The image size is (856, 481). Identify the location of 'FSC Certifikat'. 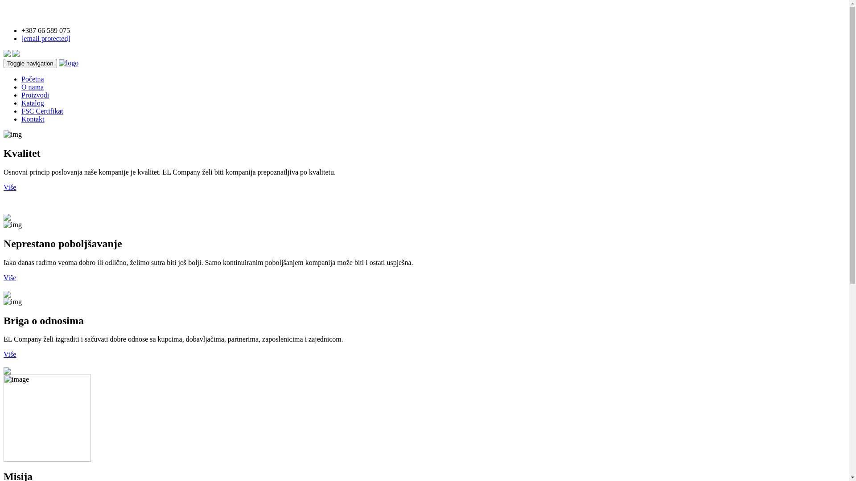
(42, 110).